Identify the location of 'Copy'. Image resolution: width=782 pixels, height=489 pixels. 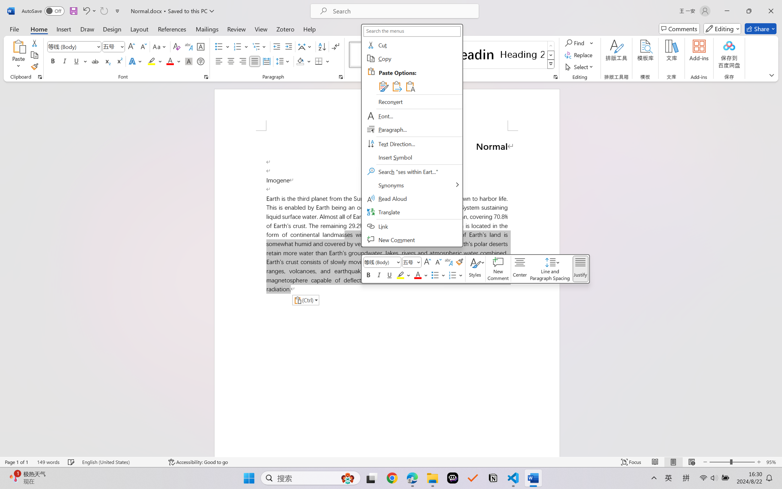
(411, 58).